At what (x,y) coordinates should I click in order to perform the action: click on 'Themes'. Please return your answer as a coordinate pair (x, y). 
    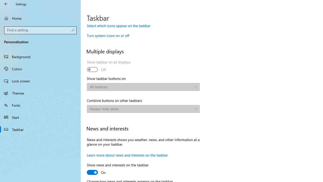
    Looking at the image, I should click on (40, 93).